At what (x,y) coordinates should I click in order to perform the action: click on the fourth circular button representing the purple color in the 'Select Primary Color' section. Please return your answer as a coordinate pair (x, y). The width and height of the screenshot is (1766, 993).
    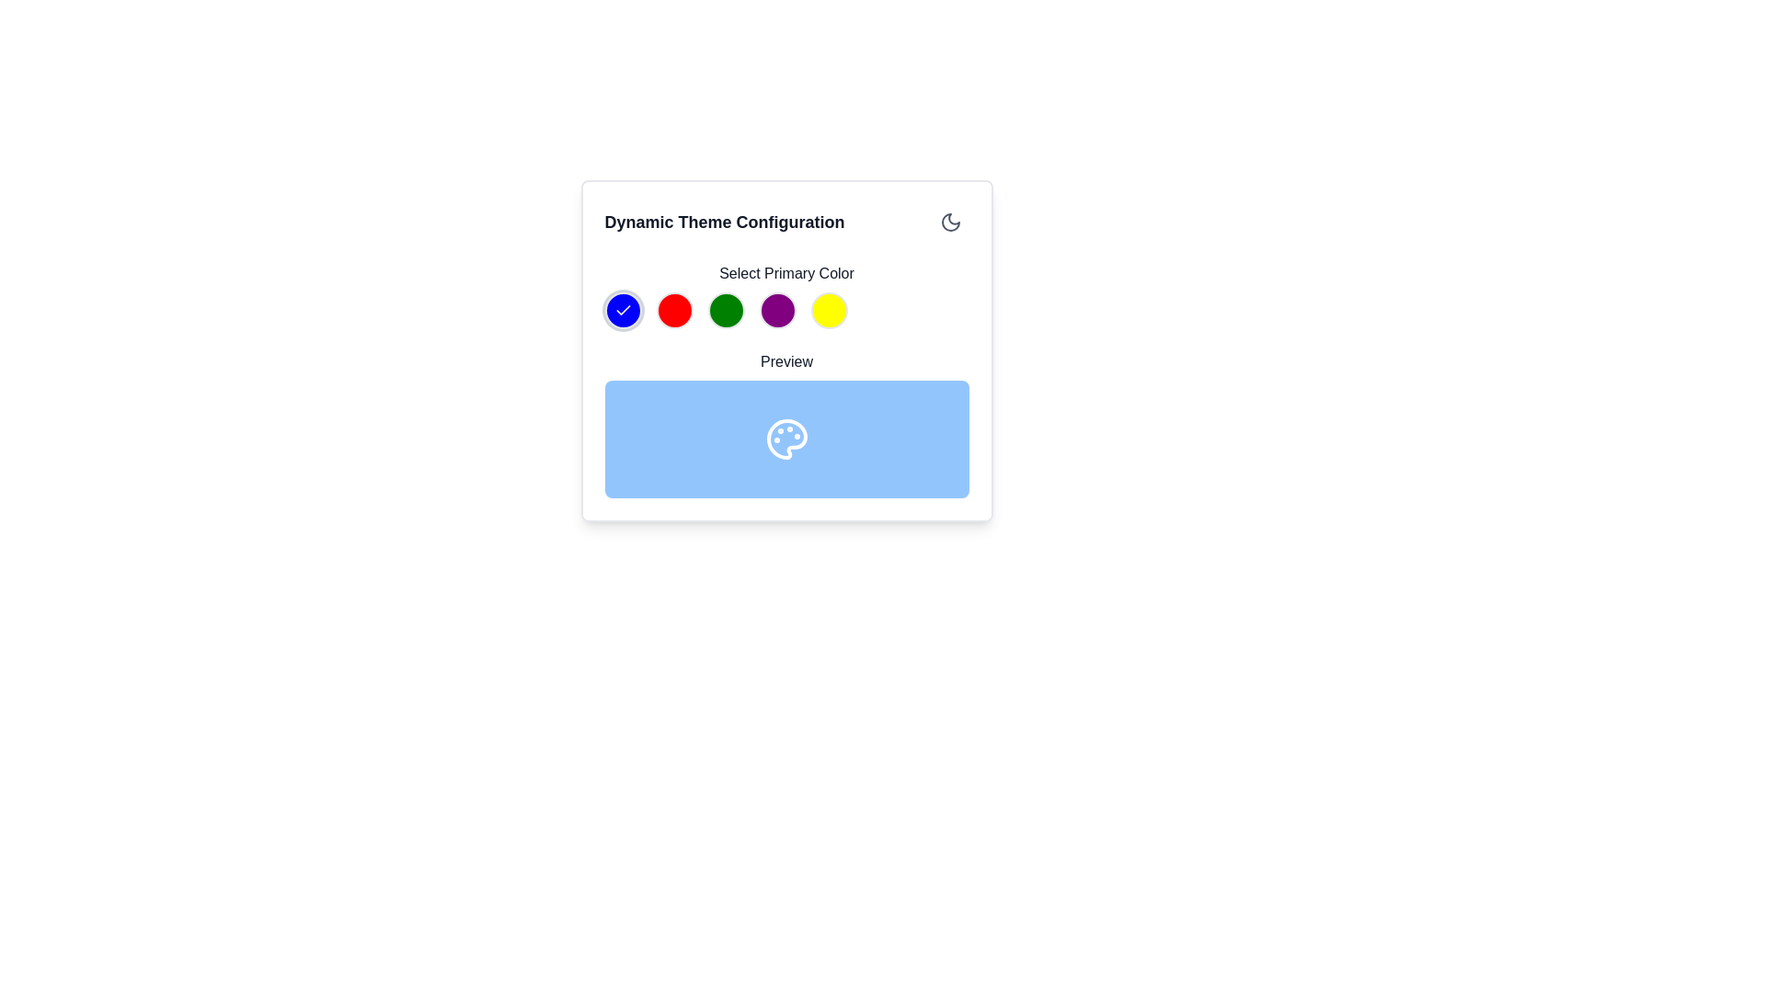
    Looking at the image, I should click on (786, 310).